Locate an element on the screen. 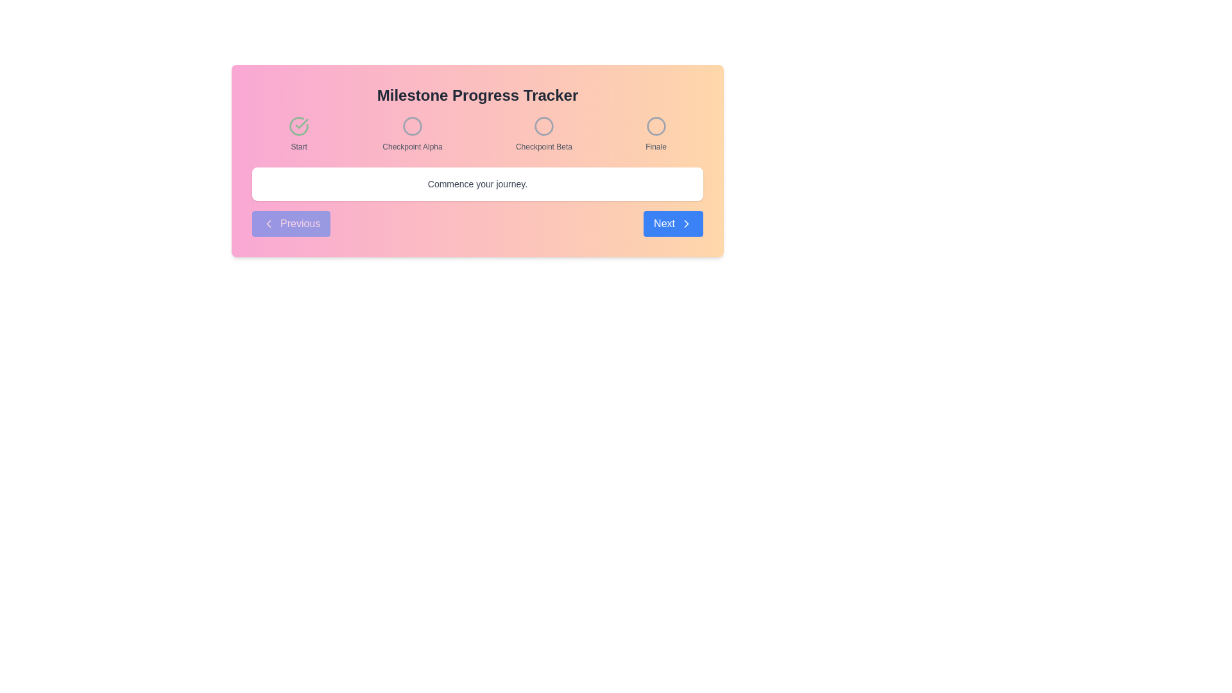  the Text label that provides a title or description for the third circular icon in the progress tracking system, positioned centrally below the icon is located at coordinates (543, 146).